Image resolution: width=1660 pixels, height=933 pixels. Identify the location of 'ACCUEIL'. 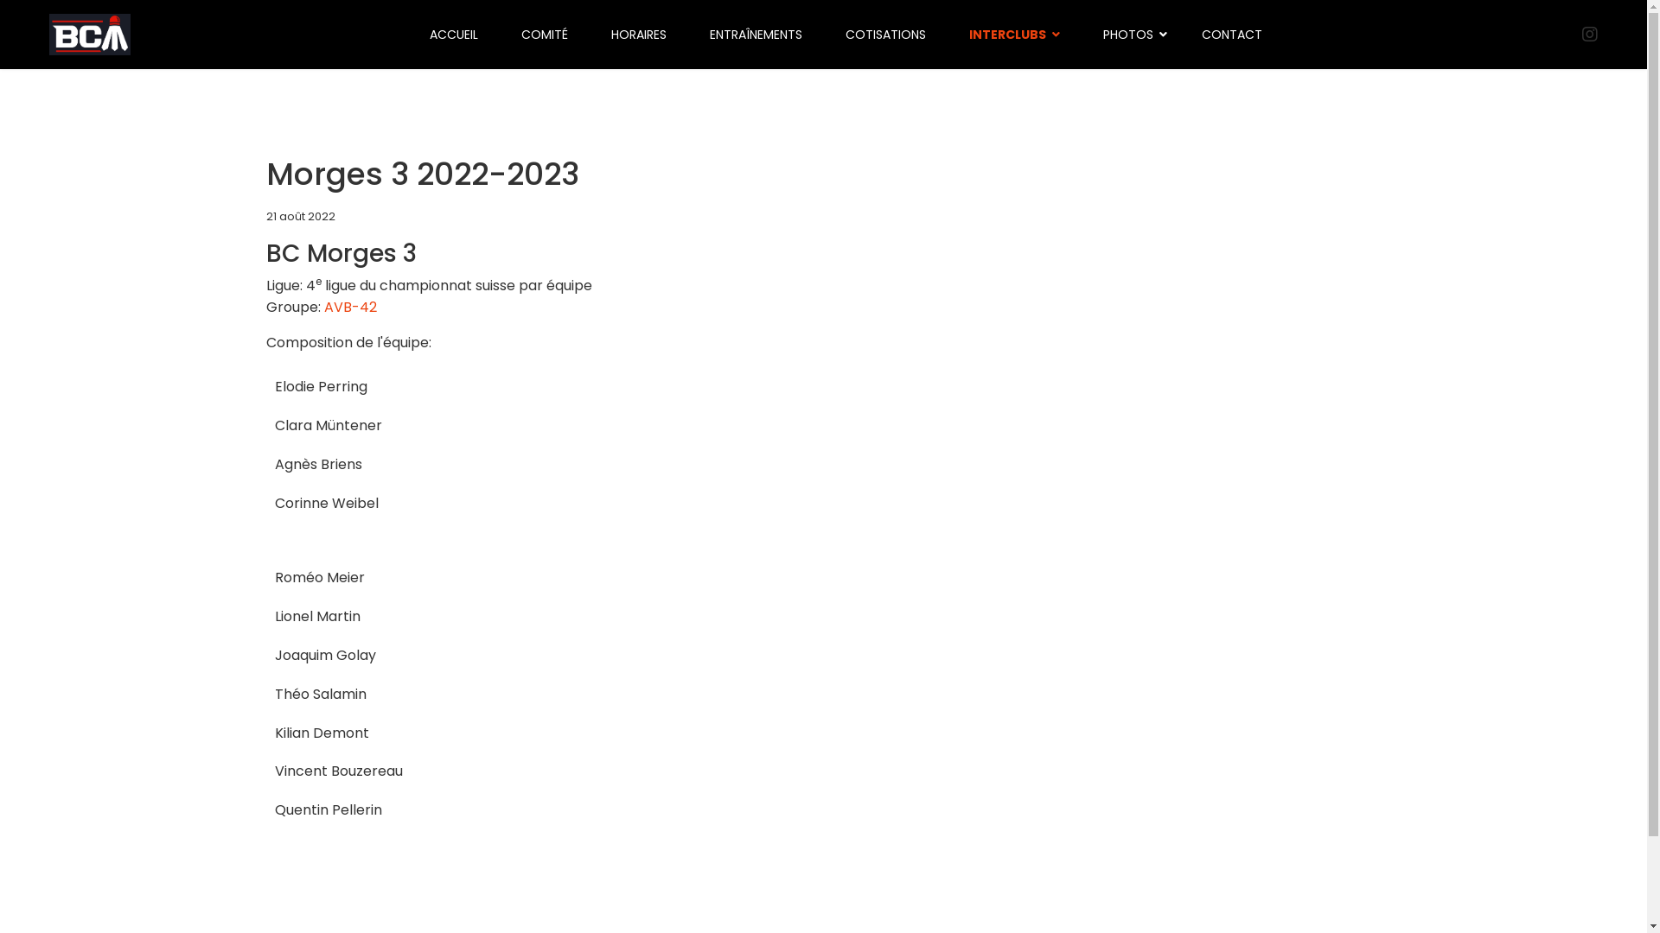
(453, 34).